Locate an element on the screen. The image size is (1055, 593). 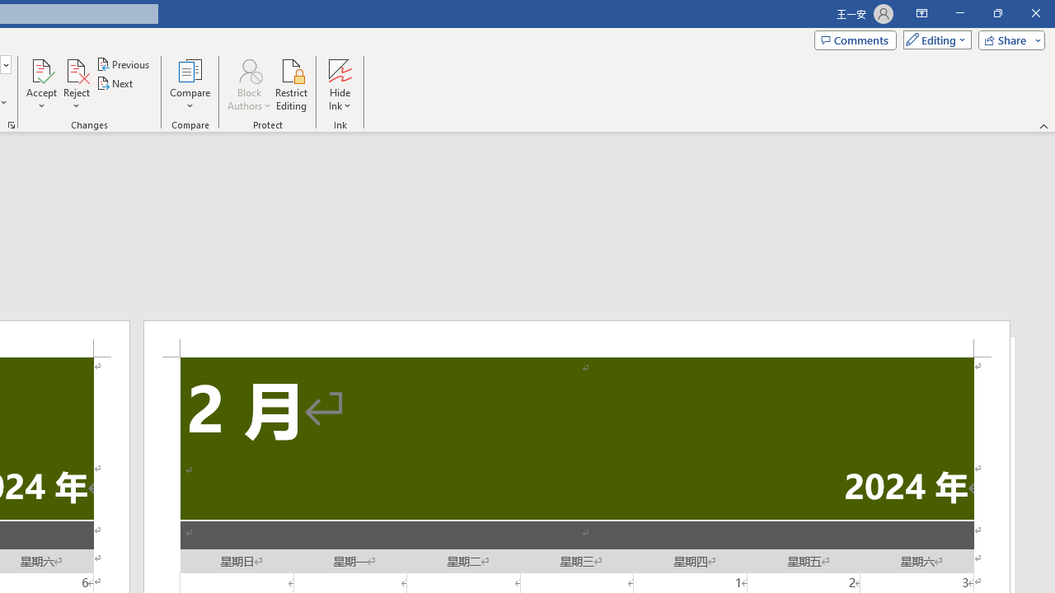
'Change Tracking Options...' is located at coordinates (12, 124).